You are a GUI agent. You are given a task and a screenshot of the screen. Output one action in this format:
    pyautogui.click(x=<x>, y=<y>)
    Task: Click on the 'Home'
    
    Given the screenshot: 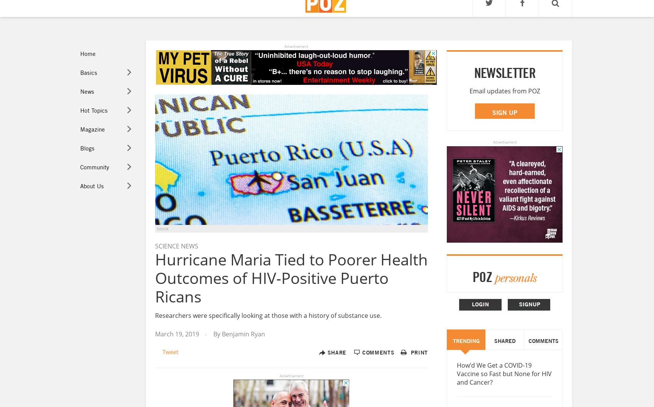 What is the action you would take?
    pyautogui.click(x=87, y=54)
    